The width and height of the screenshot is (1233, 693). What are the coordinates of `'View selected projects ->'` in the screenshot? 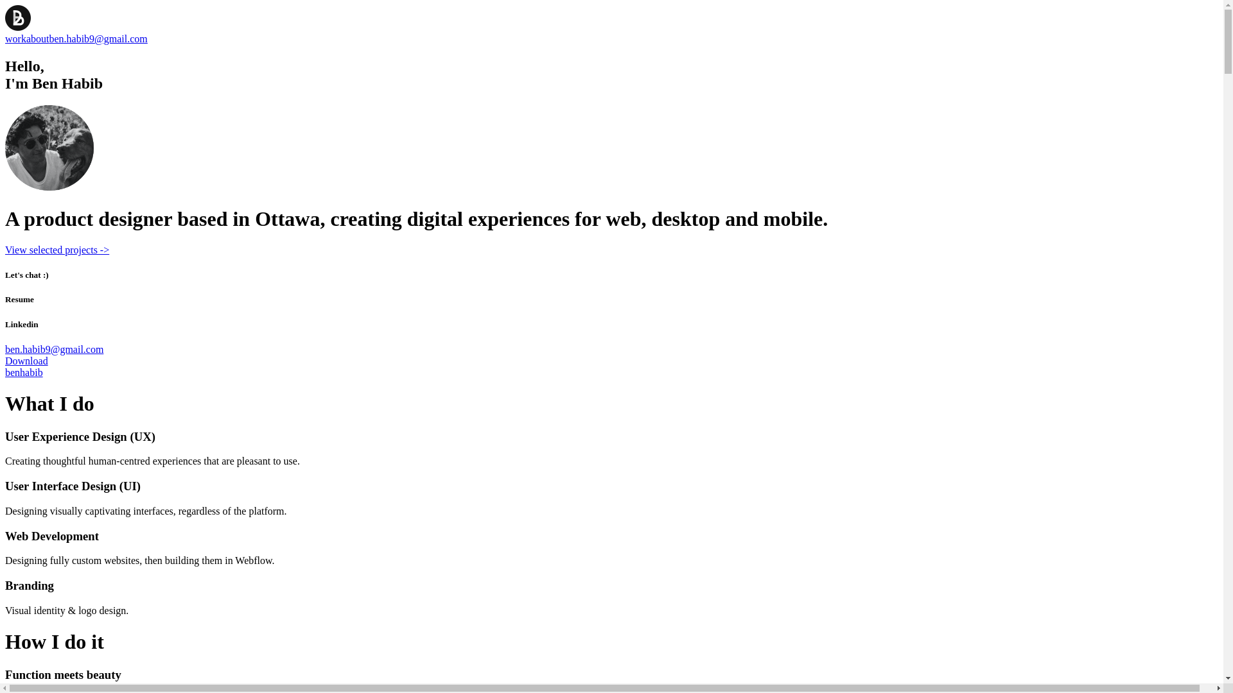 It's located at (611, 250).